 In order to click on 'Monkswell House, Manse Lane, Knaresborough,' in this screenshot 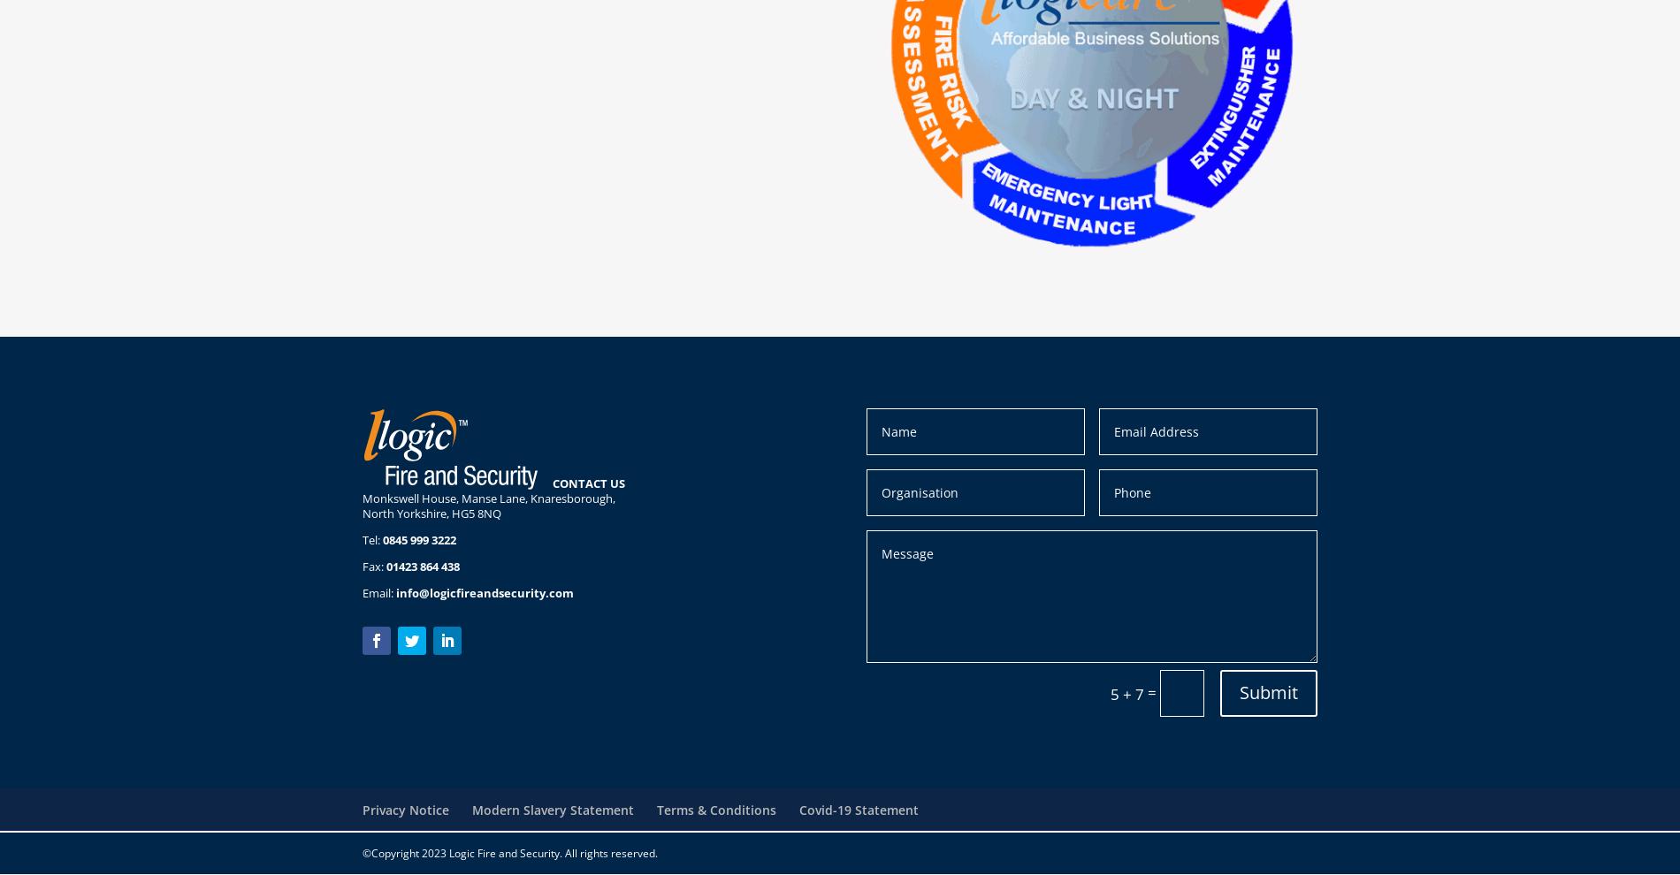, I will do `click(362, 498)`.